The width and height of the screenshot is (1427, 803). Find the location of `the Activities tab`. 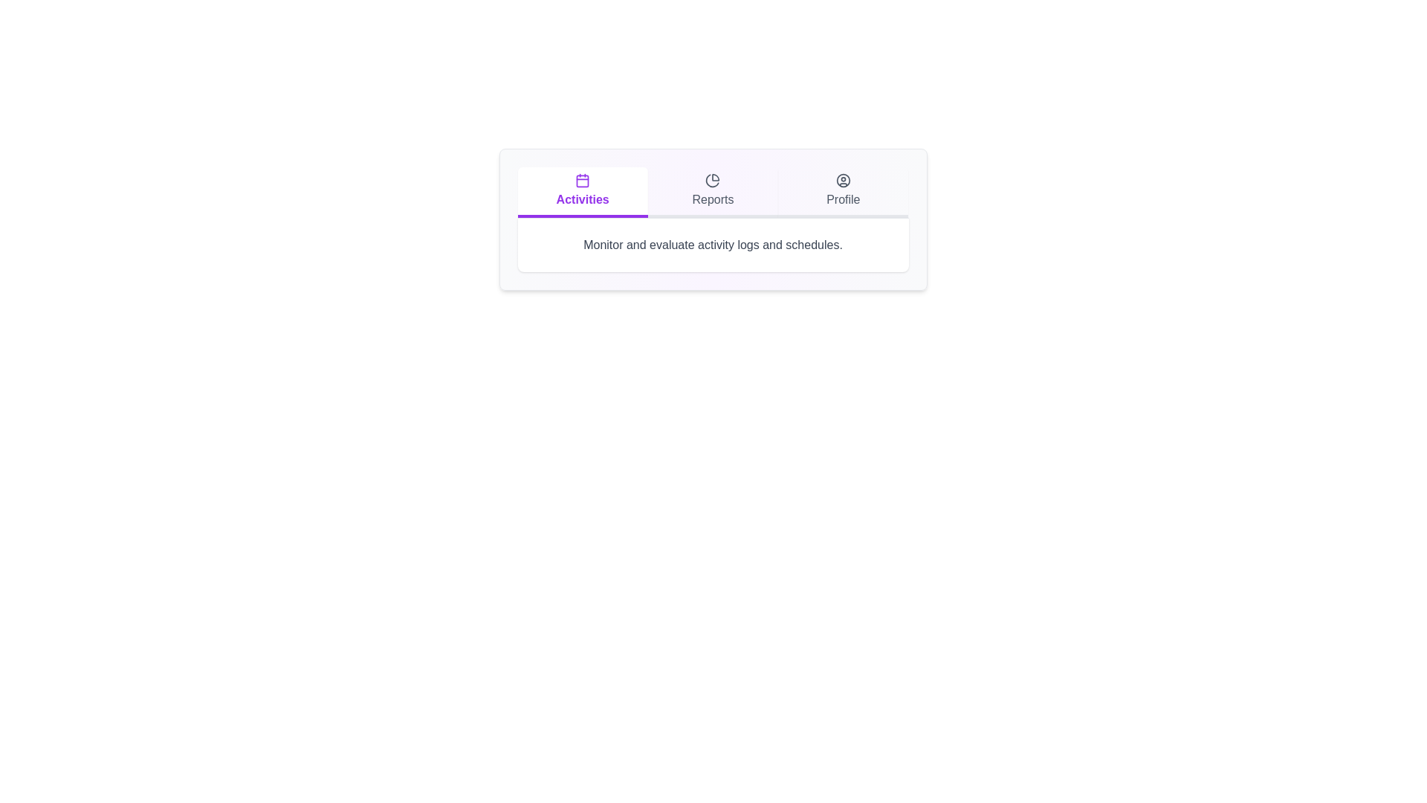

the Activities tab is located at coordinates (581, 191).